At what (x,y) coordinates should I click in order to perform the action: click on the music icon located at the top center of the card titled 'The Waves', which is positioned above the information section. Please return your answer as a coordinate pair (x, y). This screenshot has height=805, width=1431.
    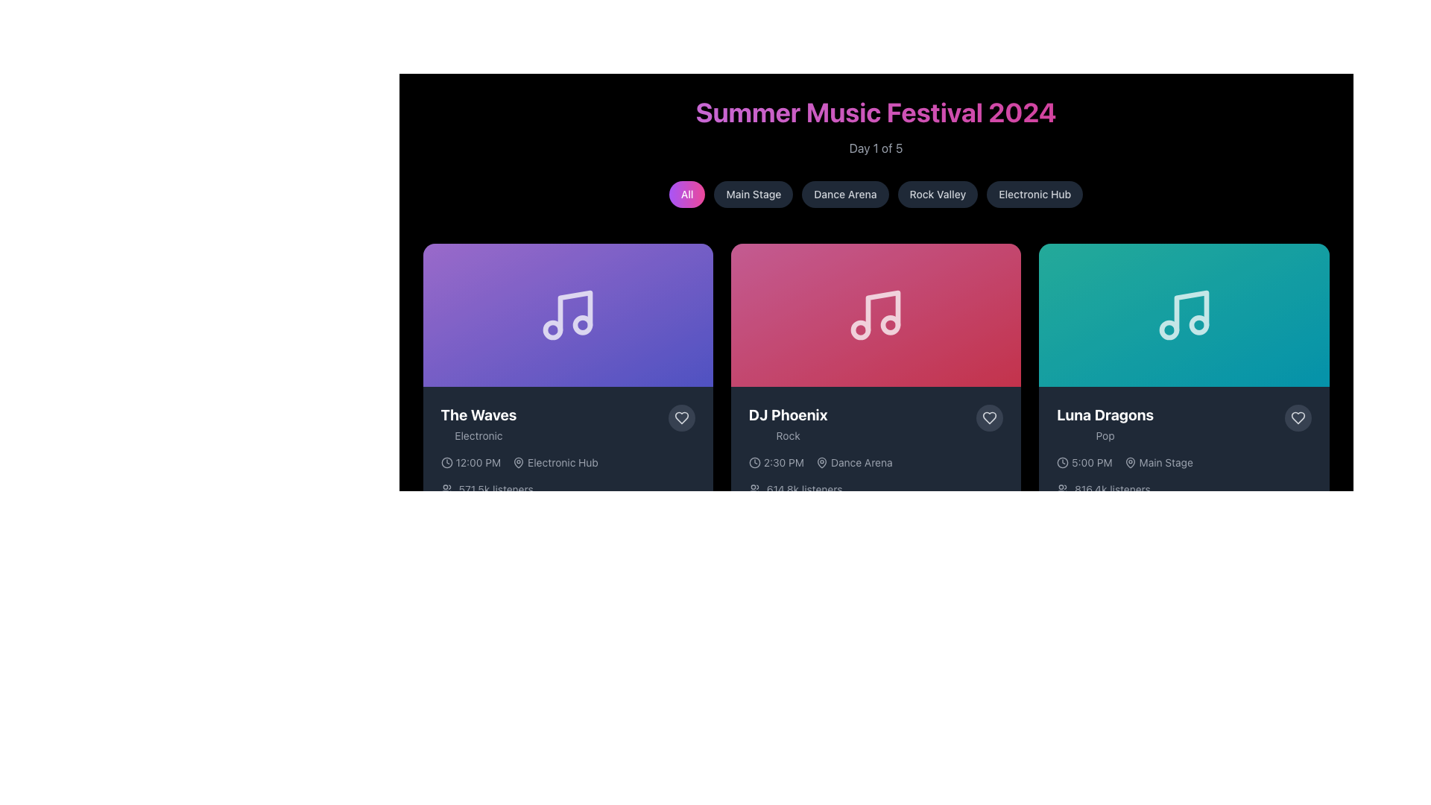
    Looking at the image, I should click on (567, 315).